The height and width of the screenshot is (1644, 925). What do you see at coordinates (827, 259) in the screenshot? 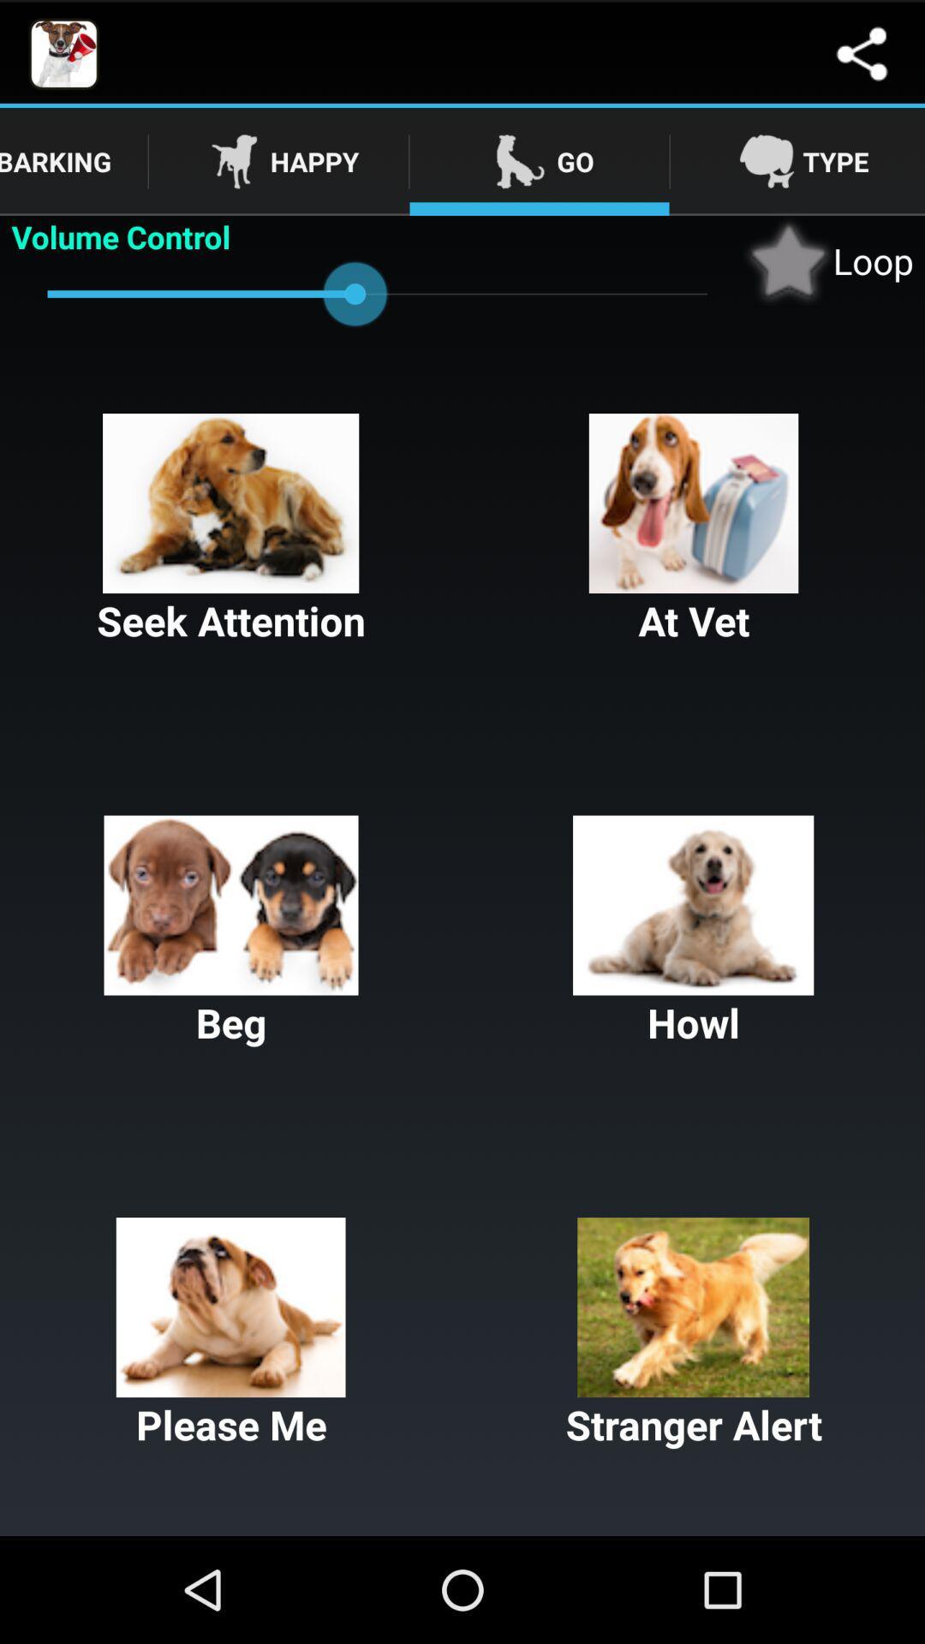
I see `item next to volume control` at bounding box center [827, 259].